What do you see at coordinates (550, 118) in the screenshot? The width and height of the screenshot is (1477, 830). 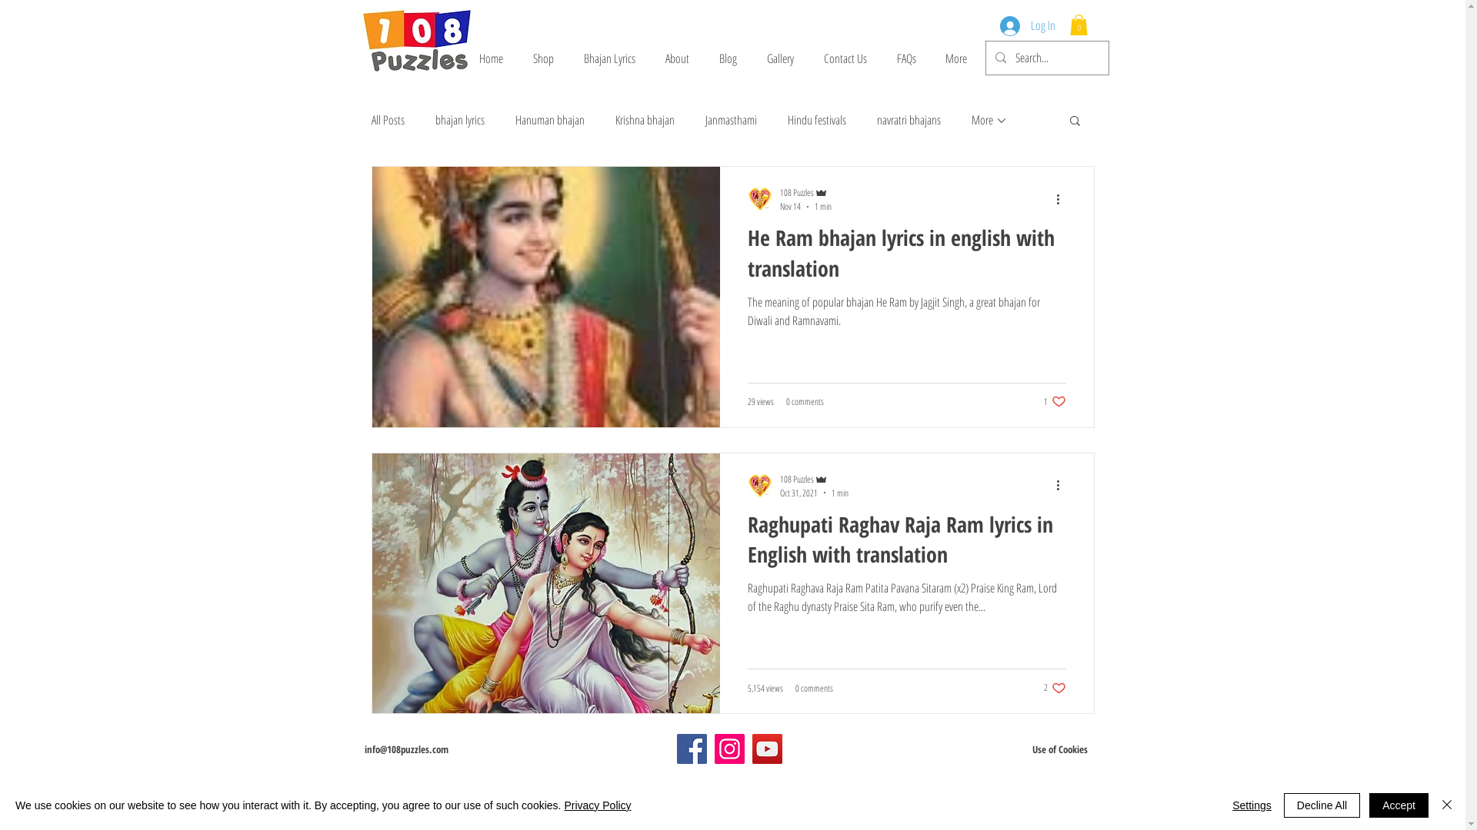 I see `'Hanuman bhajan'` at bounding box center [550, 118].